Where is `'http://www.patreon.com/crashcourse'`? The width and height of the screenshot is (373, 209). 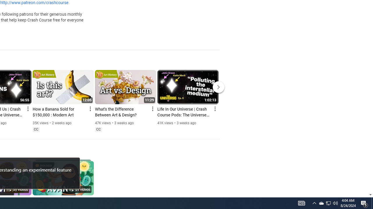
'http://www.patreon.com/crashcourse' is located at coordinates (34, 3).